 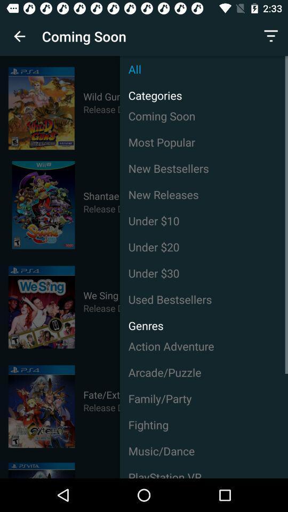 I want to click on the icon below the coming soon, so click(x=204, y=141).